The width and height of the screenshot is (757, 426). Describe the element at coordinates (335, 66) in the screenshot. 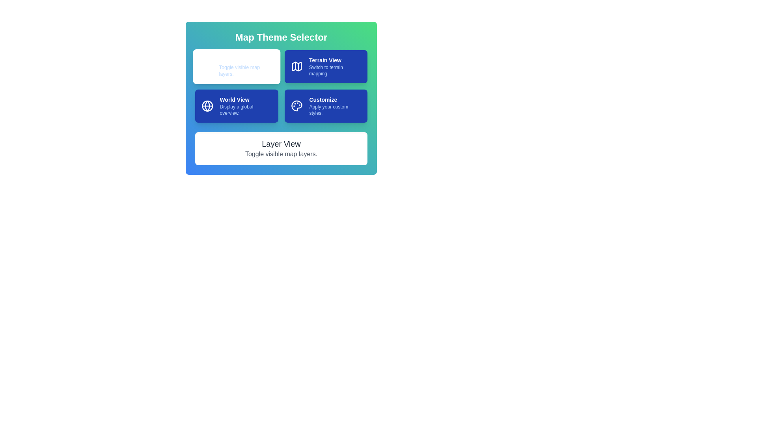

I see `the 'Terrain View' informational text component, which features bold white text and a smaller light blue description, located in the second column of the second row under 'Map Theme Selector.'` at that location.